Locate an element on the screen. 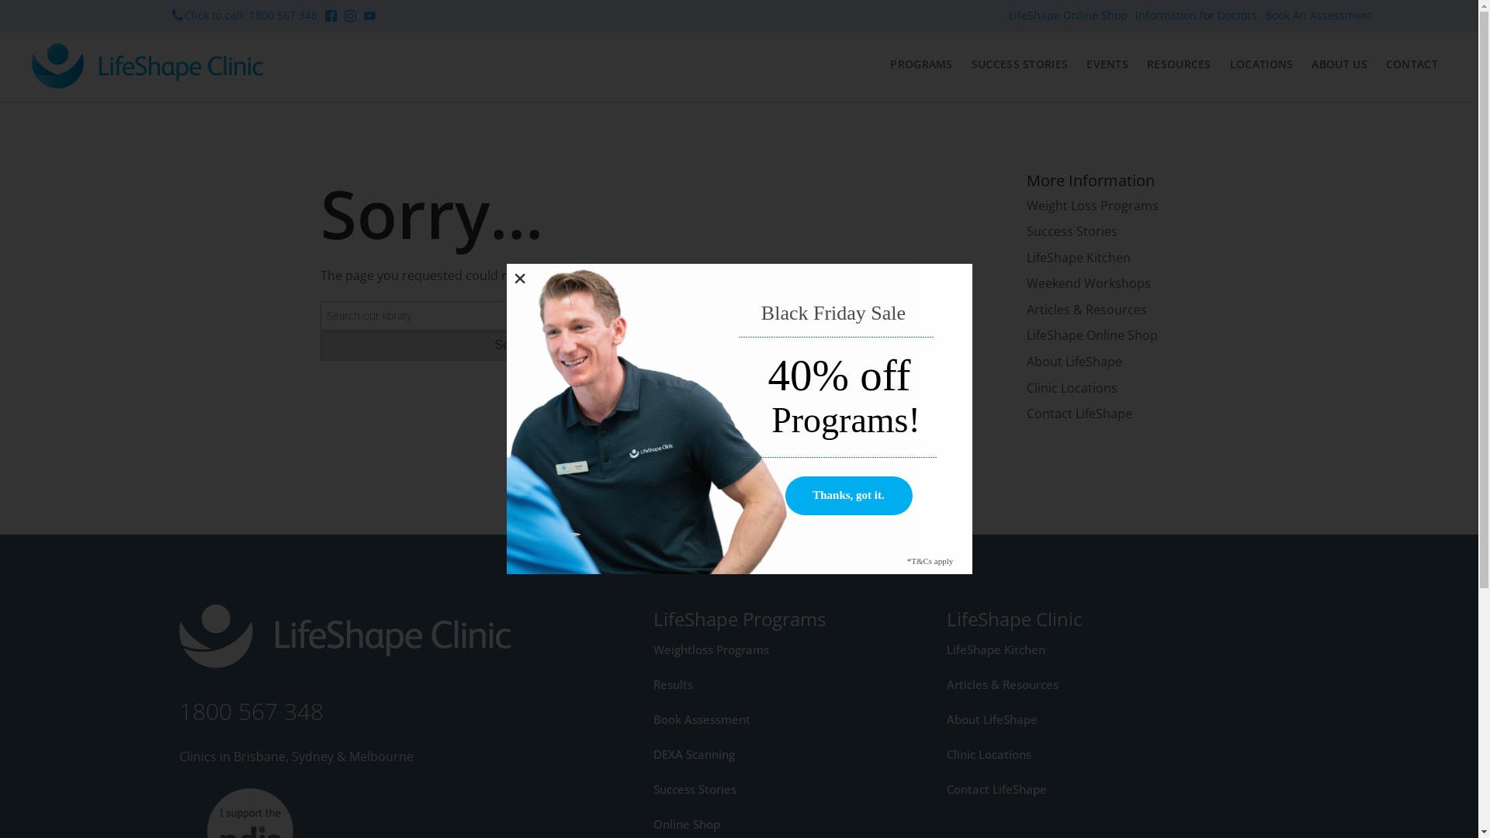  'Weekend Workshops' is located at coordinates (1025, 284).